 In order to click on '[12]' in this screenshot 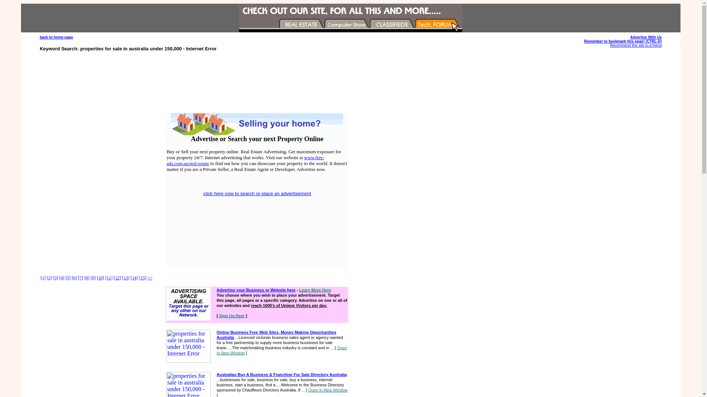, I will do `click(116, 278)`.